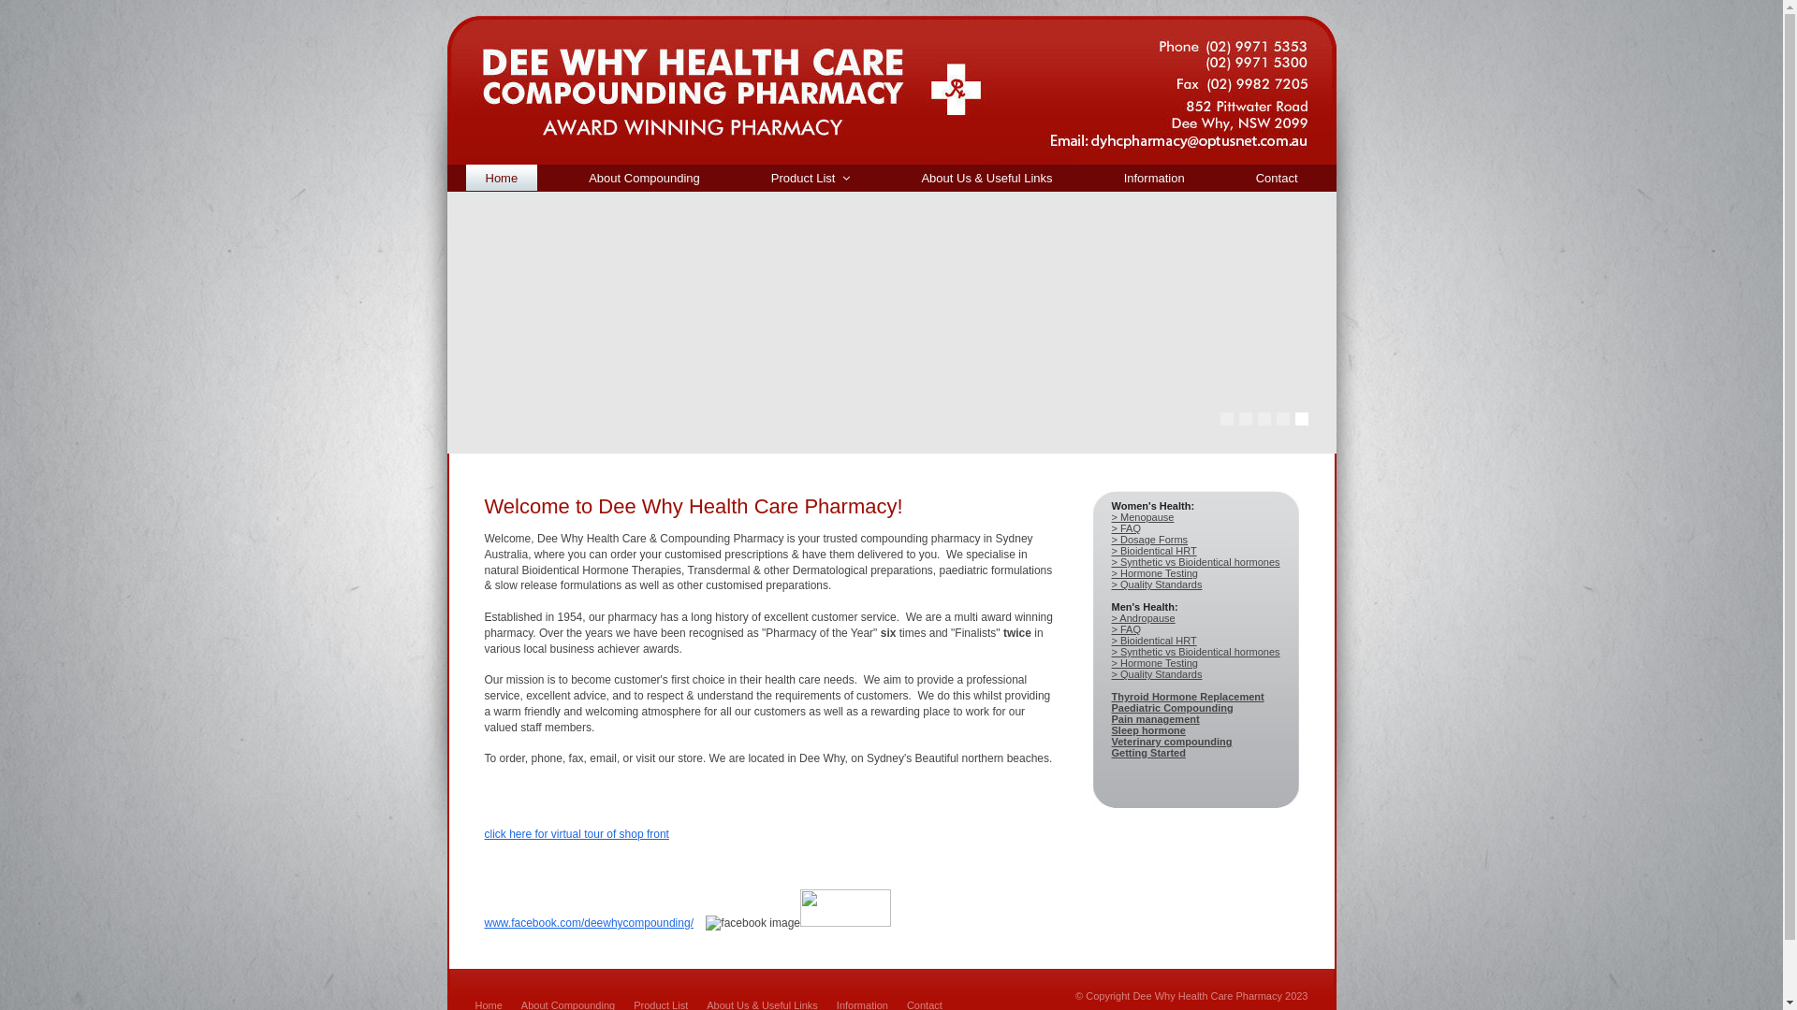  What do you see at coordinates (1147, 729) in the screenshot?
I see `'Sleep hormone'` at bounding box center [1147, 729].